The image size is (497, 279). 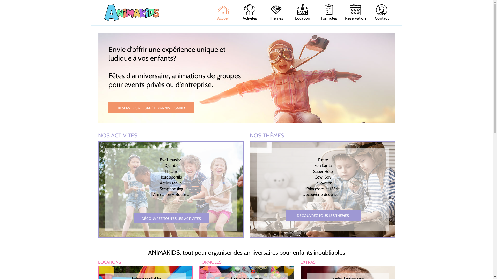 I want to click on 'Contact', so click(x=381, y=12).